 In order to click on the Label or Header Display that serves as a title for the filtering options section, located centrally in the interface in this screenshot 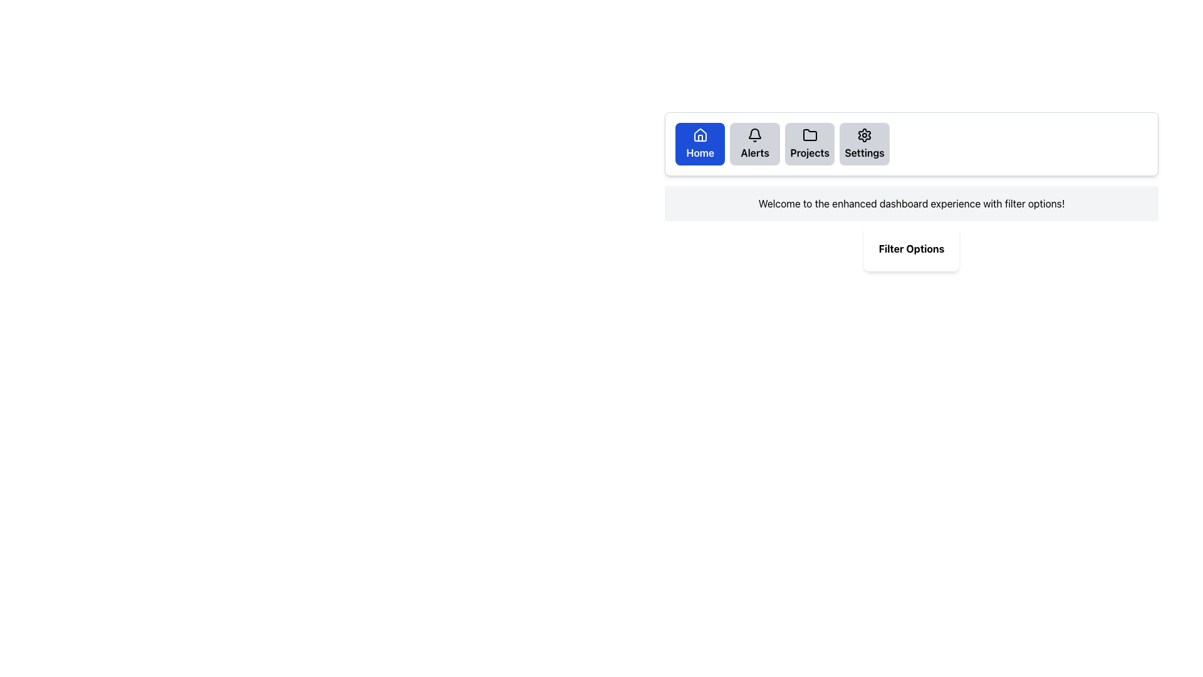, I will do `click(911, 248)`.